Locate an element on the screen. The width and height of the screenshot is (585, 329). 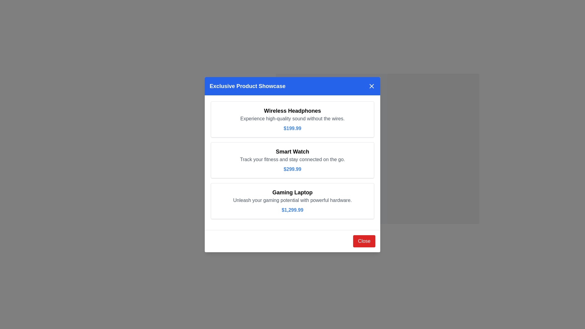
text string styled in gray, medium-sized font that reads 'Track your fitness and stay connected on the go.' This text is located in the center of the modal dialog box, below the title 'Smart Watch.' is located at coordinates (292, 159).